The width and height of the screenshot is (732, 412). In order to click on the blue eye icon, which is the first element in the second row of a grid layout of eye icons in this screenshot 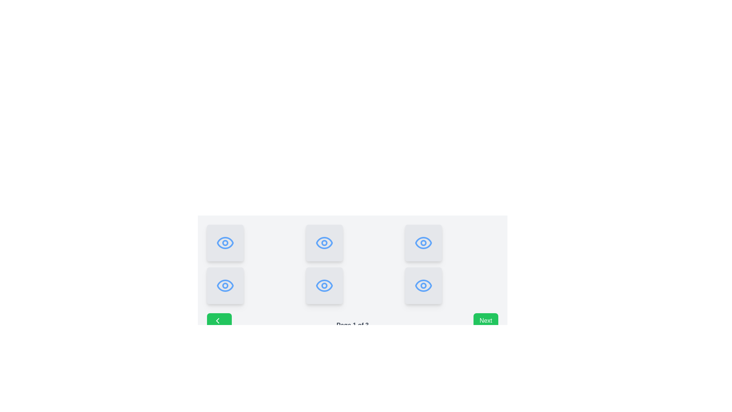, I will do `click(225, 285)`.